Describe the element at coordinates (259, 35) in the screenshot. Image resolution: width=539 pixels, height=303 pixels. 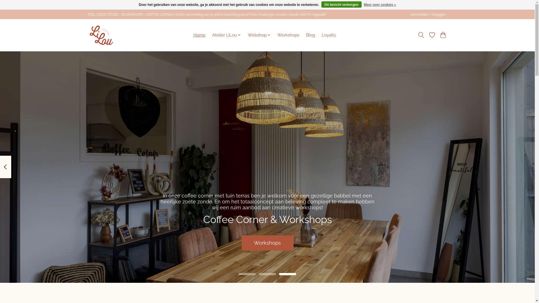
I see `'Webshop'` at that location.